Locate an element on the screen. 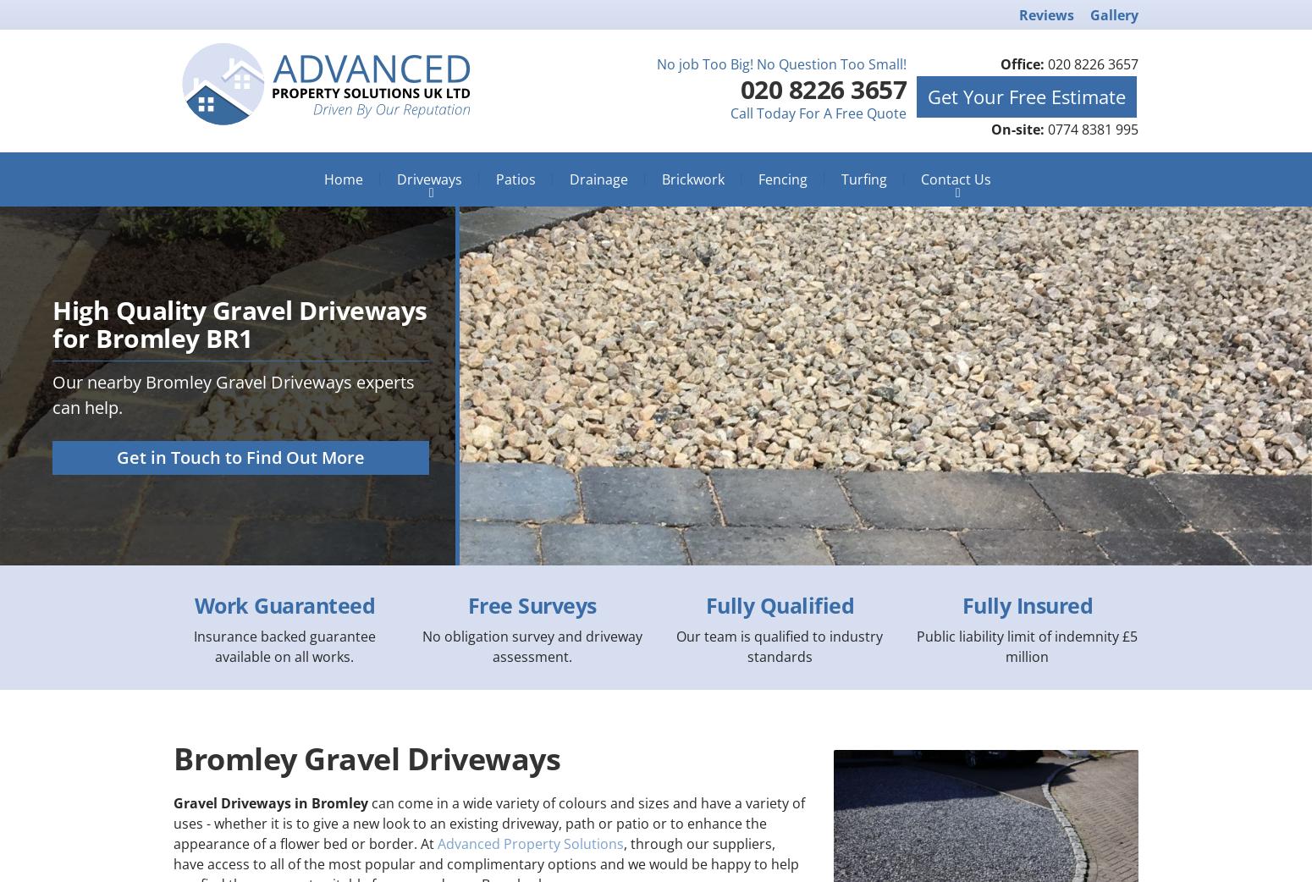 The height and width of the screenshot is (882, 1312). 'No job Too Big! No Question Too Small!' is located at coordinates (656, 63).